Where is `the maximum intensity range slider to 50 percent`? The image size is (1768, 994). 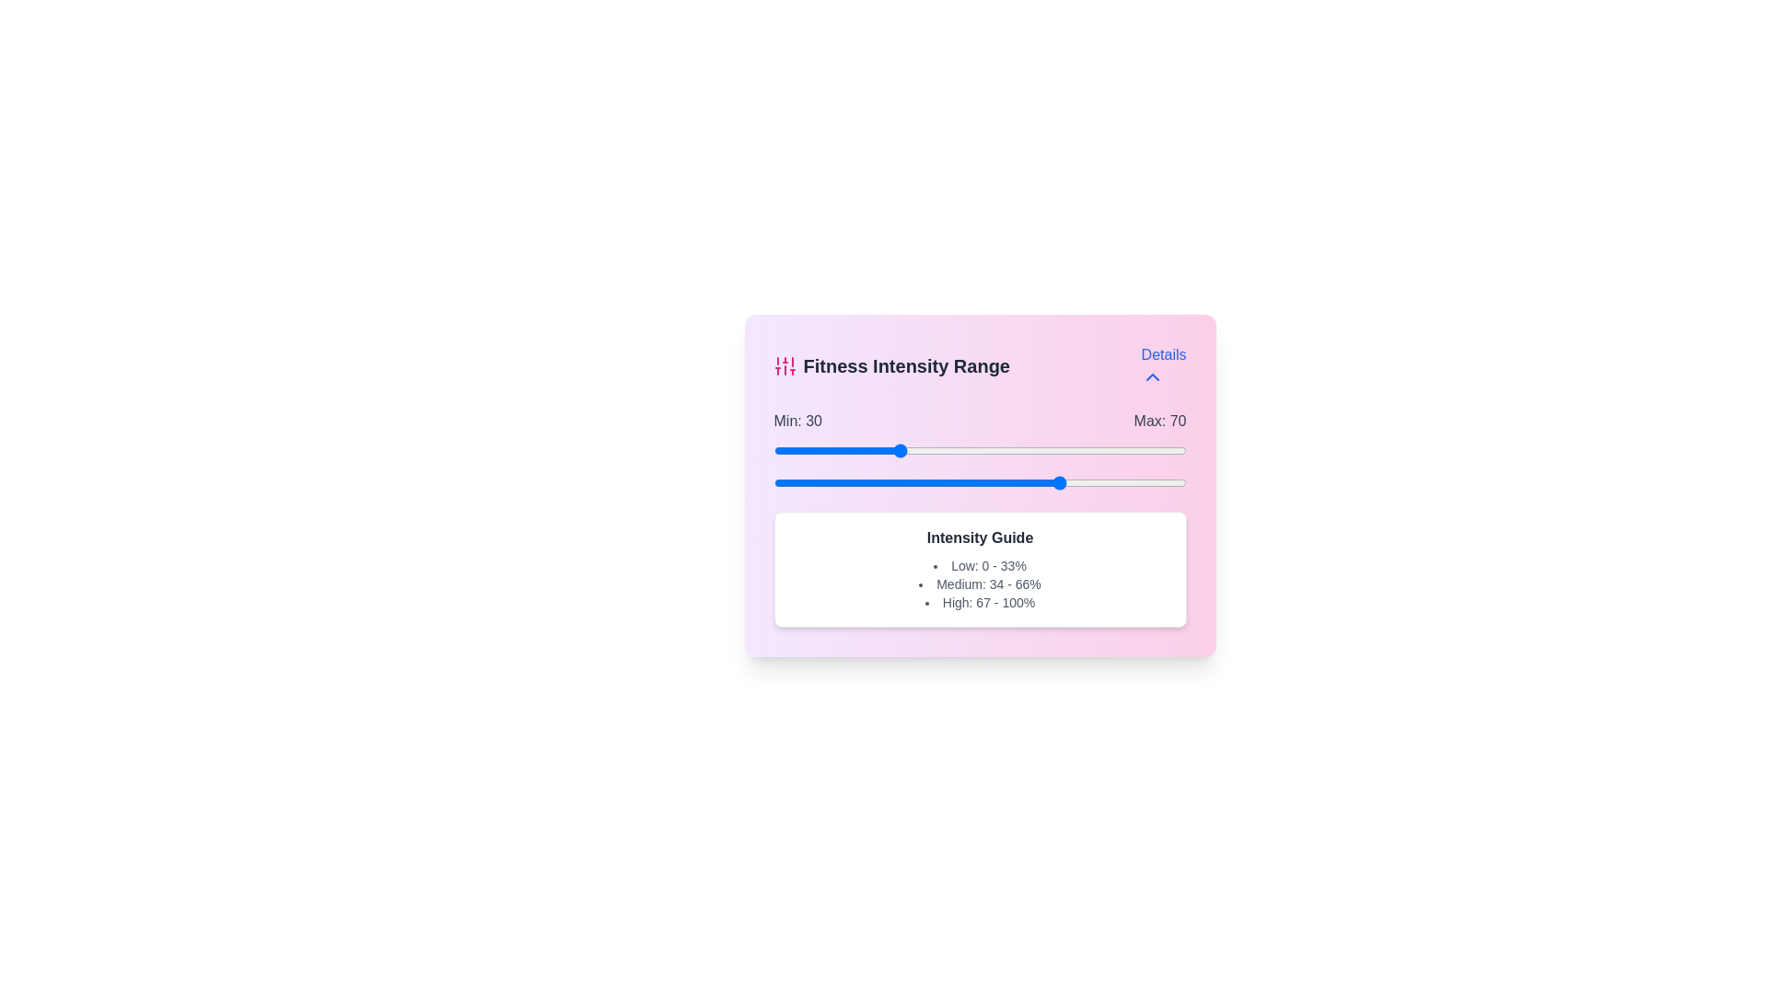
the maximum intensity range slider to 50 percent is located at coordinates (979, 481).